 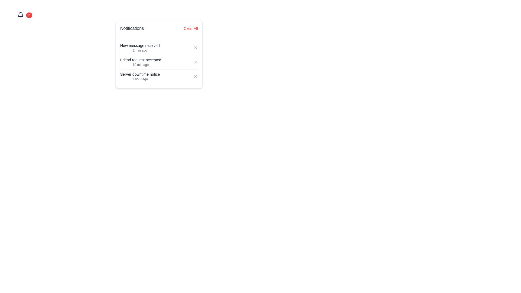 What do you see at coordinates (195, 62) in the screenshot?
I see `the interactive button` at bounding box center [195, 62].